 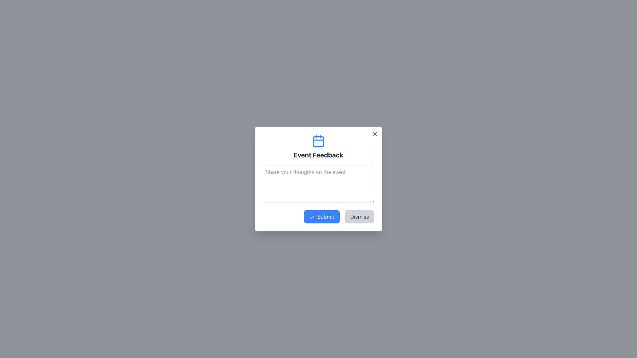 I want to click on the confirm button located at the bottom right of the modal dialog box, so click(x=322, y=217).